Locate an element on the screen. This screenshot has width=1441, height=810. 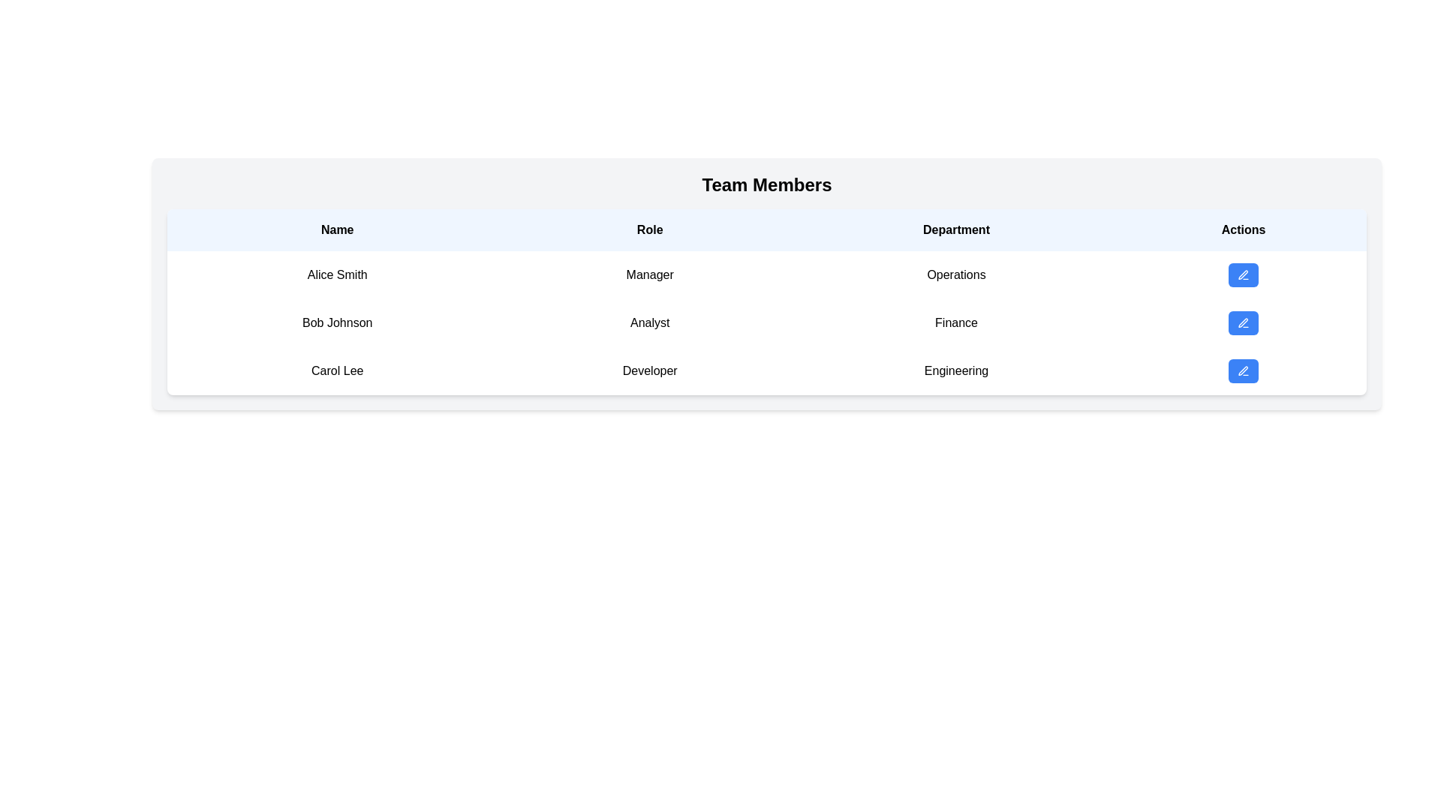
the text 'Finance' in the 'Department' column of the 'Team Members' table, specifically for the row corresponding to 'Bob Johnson' and 'Analyst' is located at coordinates (955, 322).